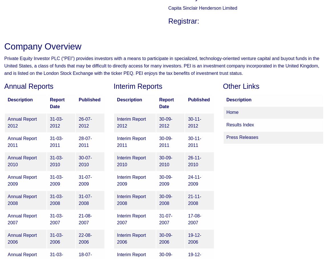 The image size is (328, 259). Describe the element at coordinates (131, 239) in the screenshot. I see `'Interim Report 2006'` at that location.